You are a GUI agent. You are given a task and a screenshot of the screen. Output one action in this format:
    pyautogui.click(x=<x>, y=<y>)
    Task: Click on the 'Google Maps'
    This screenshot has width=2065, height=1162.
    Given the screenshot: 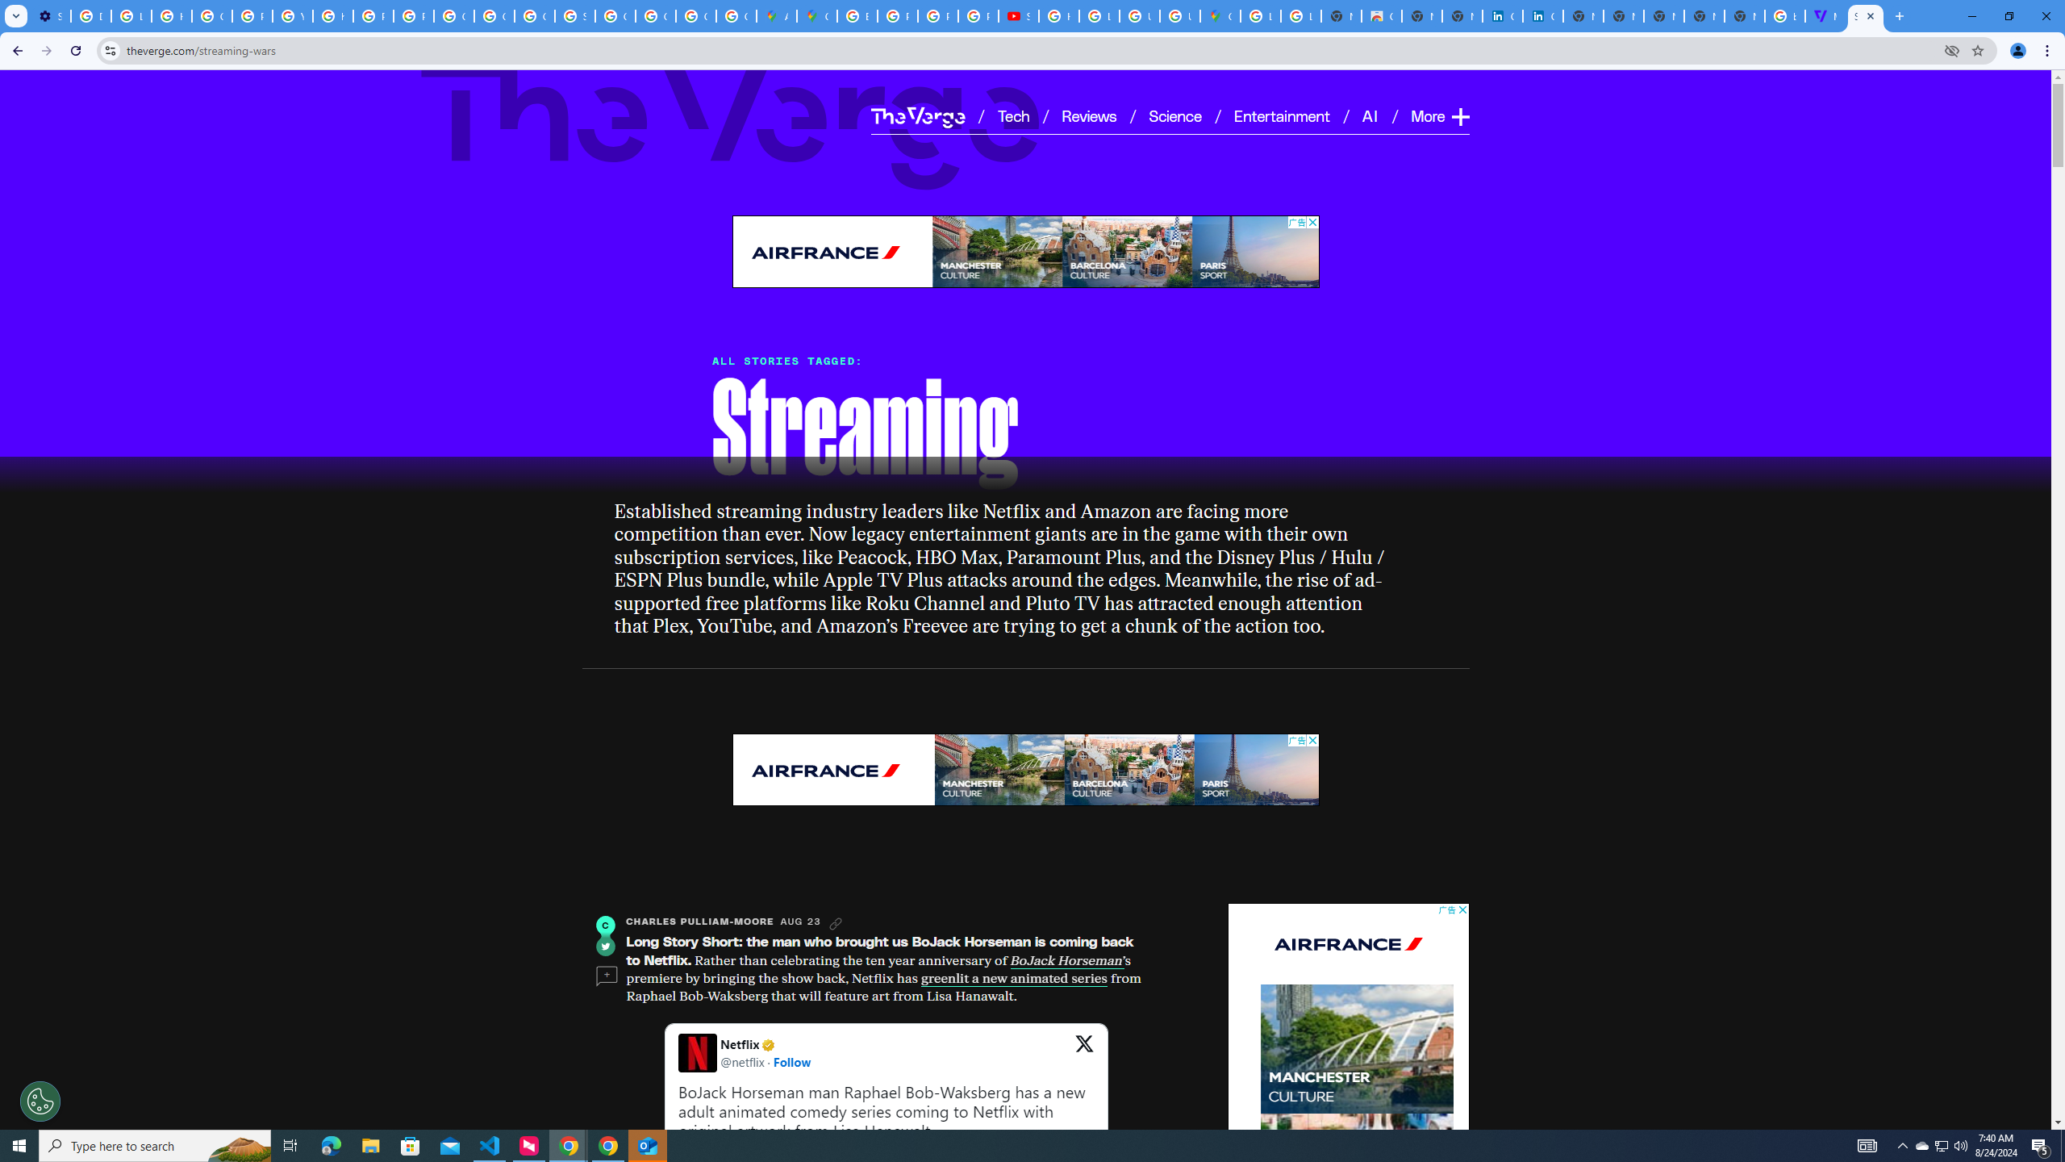 What is the action you would take?
    pyautogui.click(x=816, y=15)
    